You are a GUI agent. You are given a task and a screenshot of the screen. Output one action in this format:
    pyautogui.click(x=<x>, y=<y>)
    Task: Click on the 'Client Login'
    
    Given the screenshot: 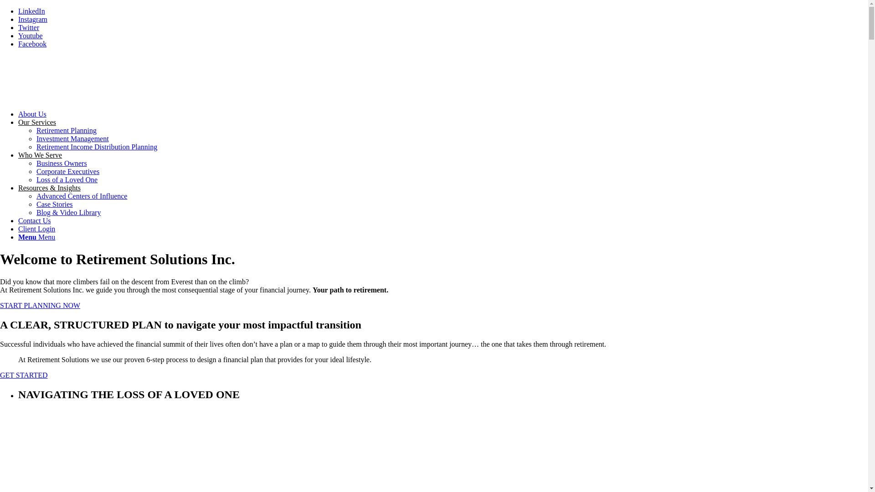 What is the action you would take?
    pyautogui.click(x=36, y=228)
    